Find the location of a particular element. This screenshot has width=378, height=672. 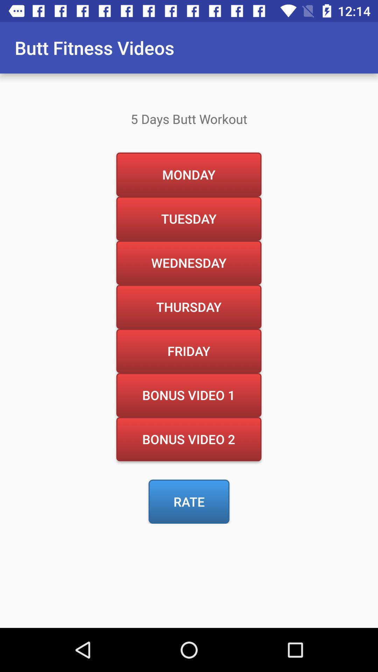

icon above the friday icon is located at coordinates (188, 307).